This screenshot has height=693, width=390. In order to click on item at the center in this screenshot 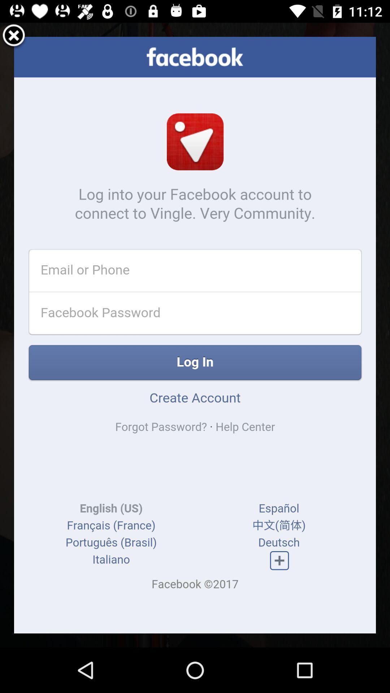, I will do `click(195, 335)`.